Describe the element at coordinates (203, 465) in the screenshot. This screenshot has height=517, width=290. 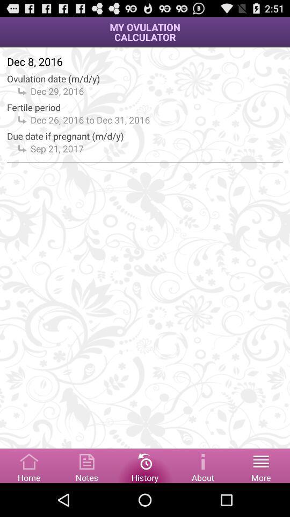
I see `about` at that location.